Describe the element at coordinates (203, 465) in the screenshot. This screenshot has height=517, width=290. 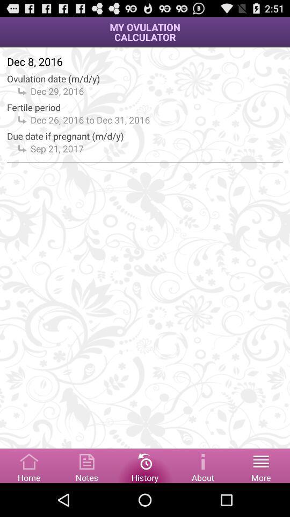
I see `about` at that location.